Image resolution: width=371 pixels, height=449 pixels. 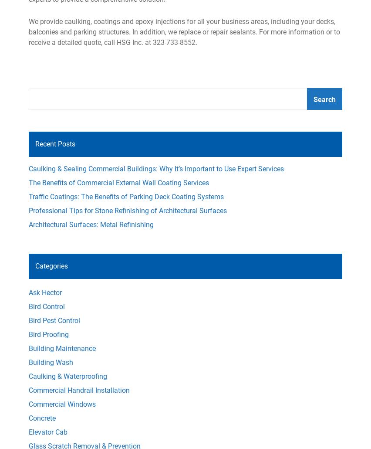 I want to click on 'Recent Posts', so click(x=55, y=143).